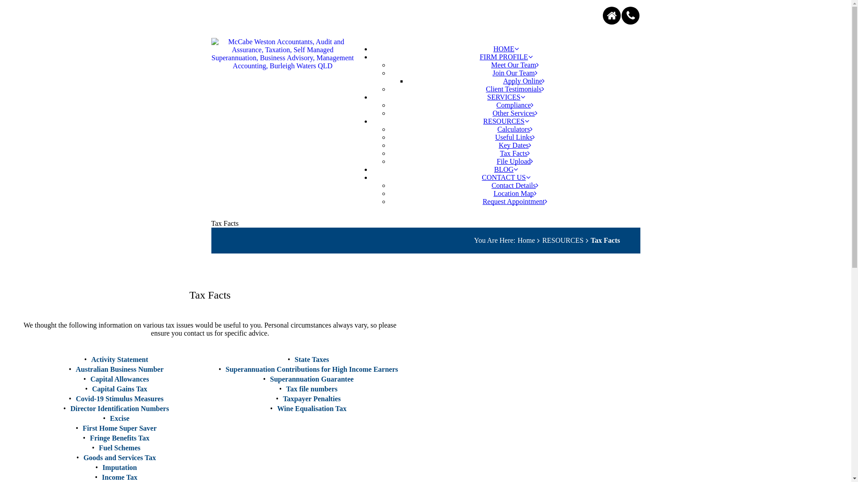  I want to click on 'Location Map', so click(515, 193).